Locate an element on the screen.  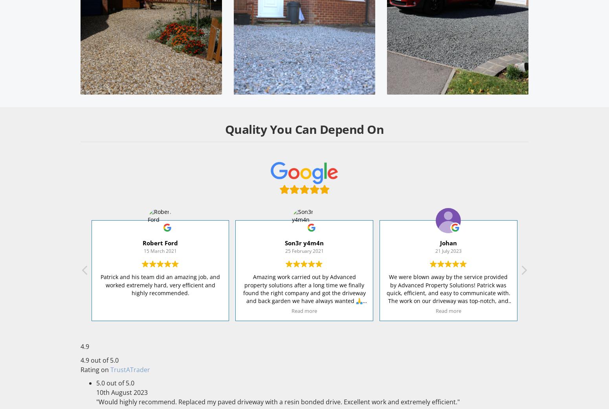
'Amazing work carried out by Advanced property  solutions after a long time we finally found the right company and got the driveway and back garden we have always wanted 🙏 Patrick and the team have been fantastic could not rate and recommend them enough always on time extremely hard working, reliable, trustworthy and respectful it has been such great pleasure to do buisness with them such a big job was completed in 4 days when it would normally take about a week or more 😲 we thank you all so much and would highly recommend to anyone plus will definitely do business with this company again 🙏😉' is located at coordinates (304, 329).